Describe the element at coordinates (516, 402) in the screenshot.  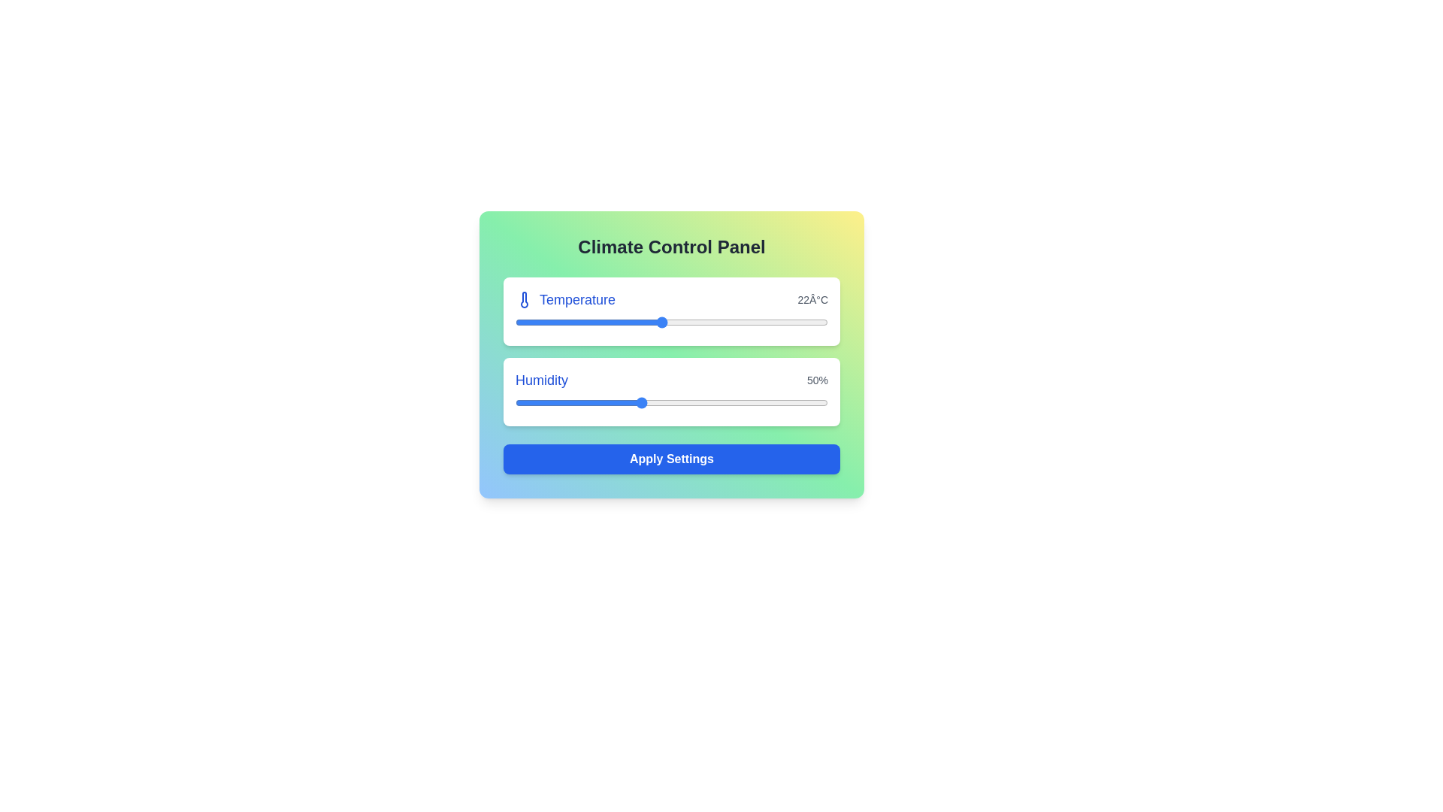
I see `the humidity level` at that location.